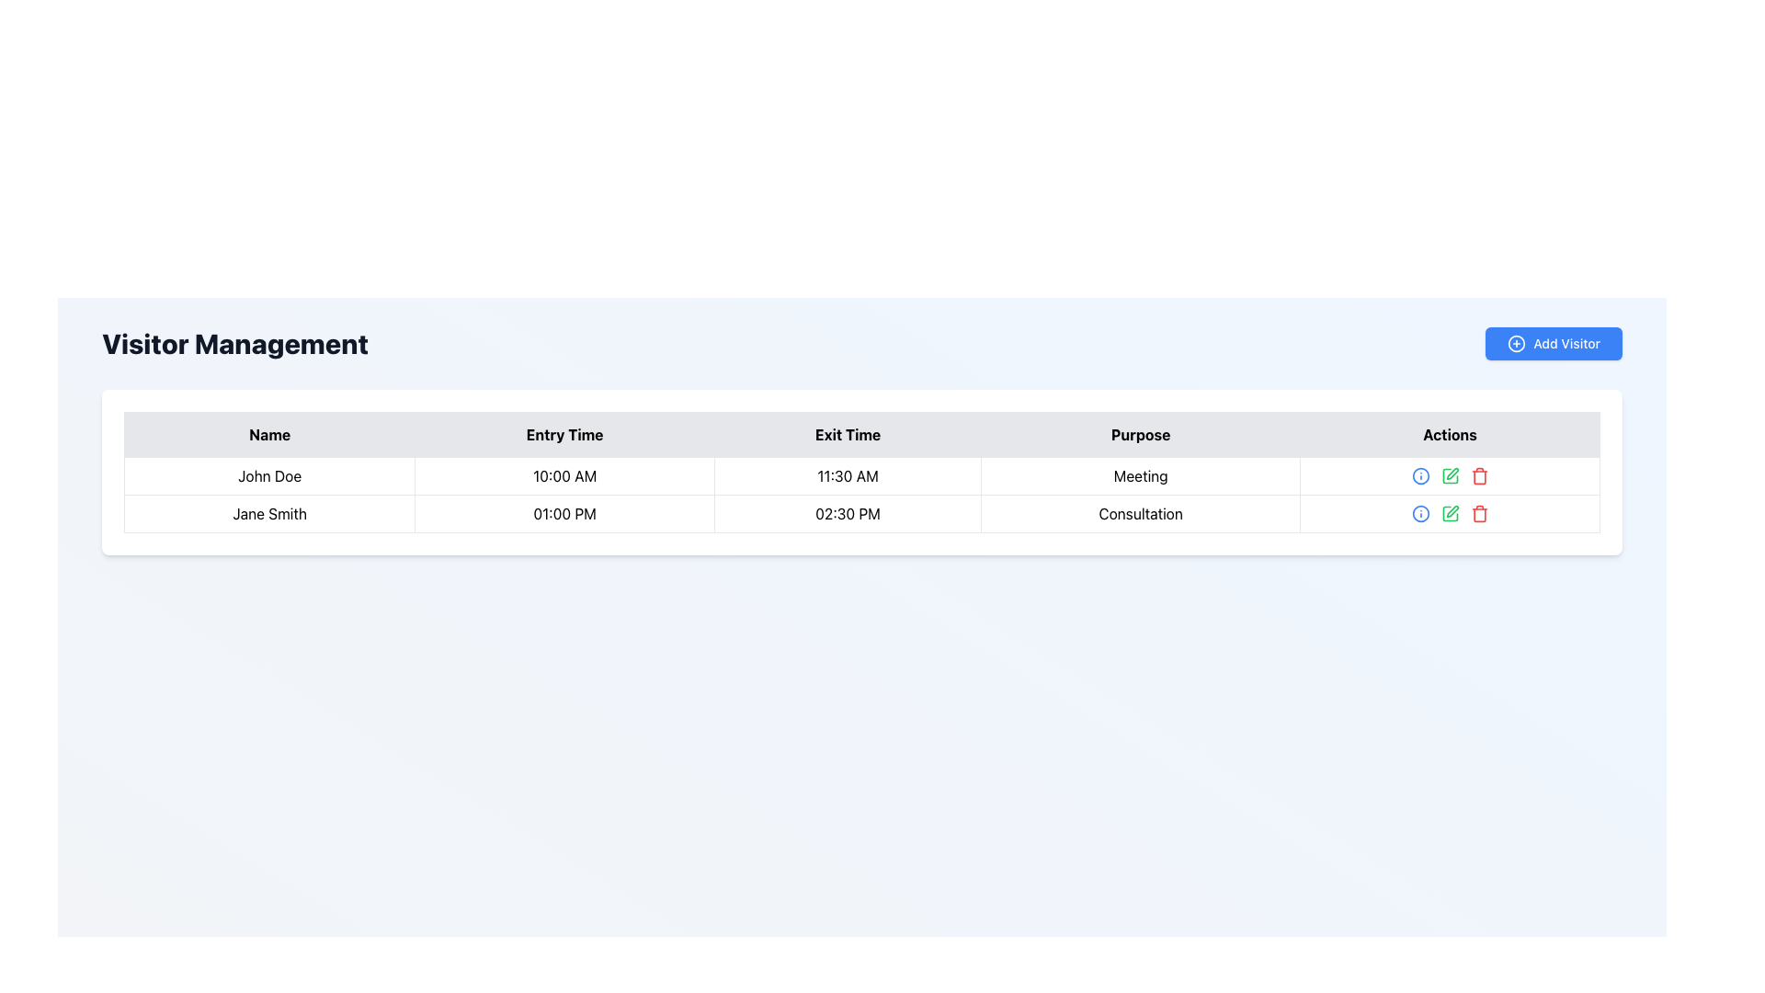 The image size is (1765, 993). Describe the element at coordinates (1140, 514) in the screenshot. I see `the static text label indicating 'Consultation' in the 'Purpose' column of the second row associated with visitor 'Jane Smith.'` at that location.